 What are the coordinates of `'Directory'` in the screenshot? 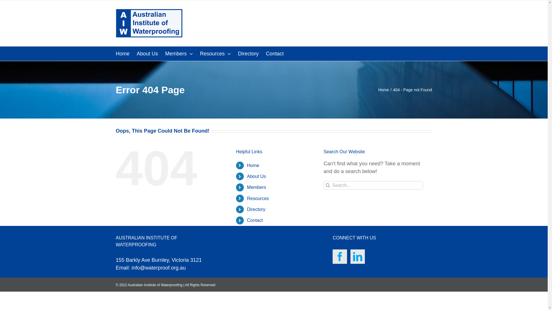 It's located at (256, 209).